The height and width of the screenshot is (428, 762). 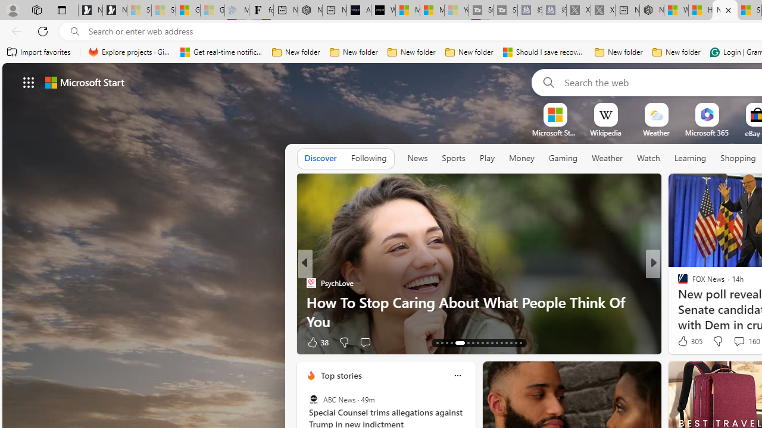 I want to click on 'New folder', so click(x=676, y=52).